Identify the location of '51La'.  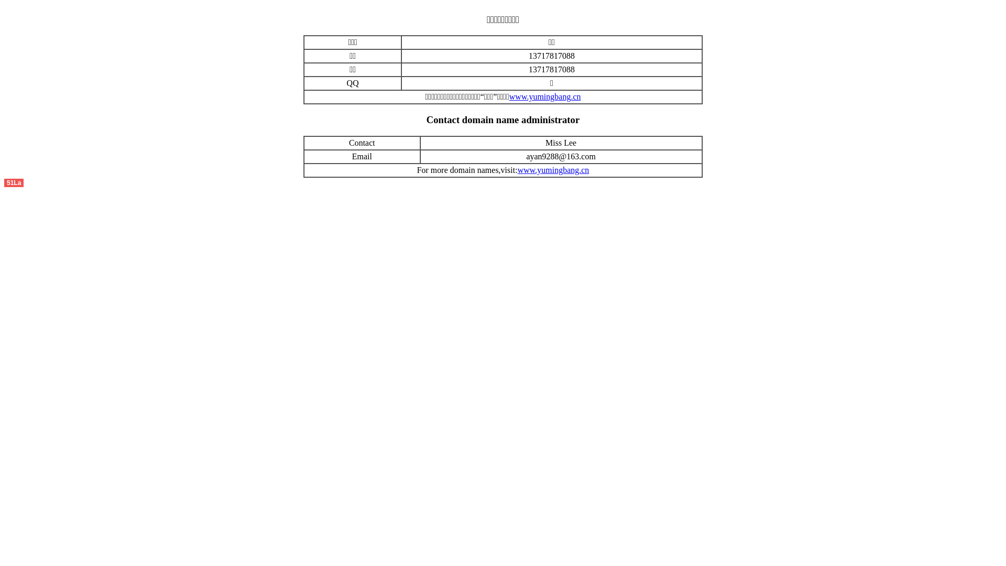
(14, 181).